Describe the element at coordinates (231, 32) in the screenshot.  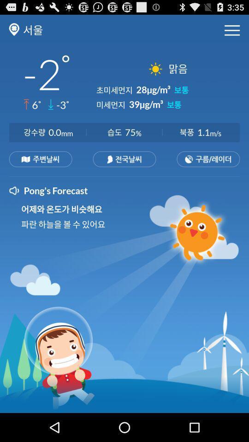
I see `the menu icon` at that location.